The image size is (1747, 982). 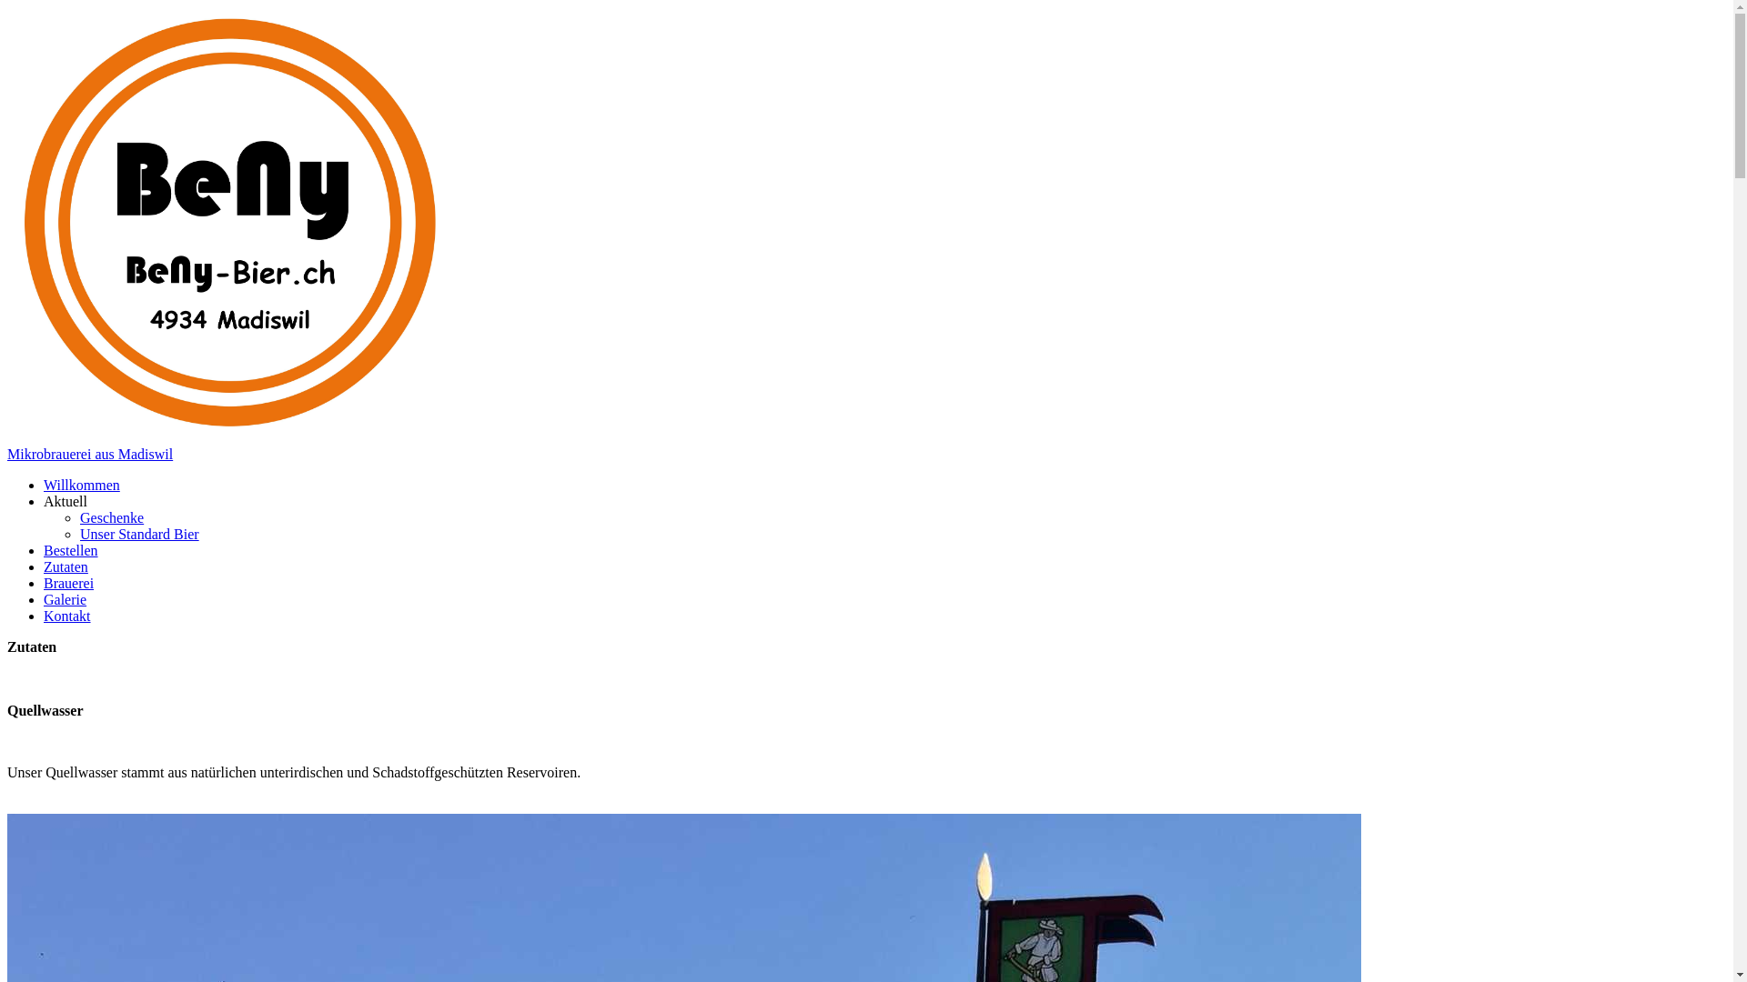 What do you see at coordinates (138, 532) in the screenshot?
I see `'Unser Standard Bier'` at bounding box center [138, 532].